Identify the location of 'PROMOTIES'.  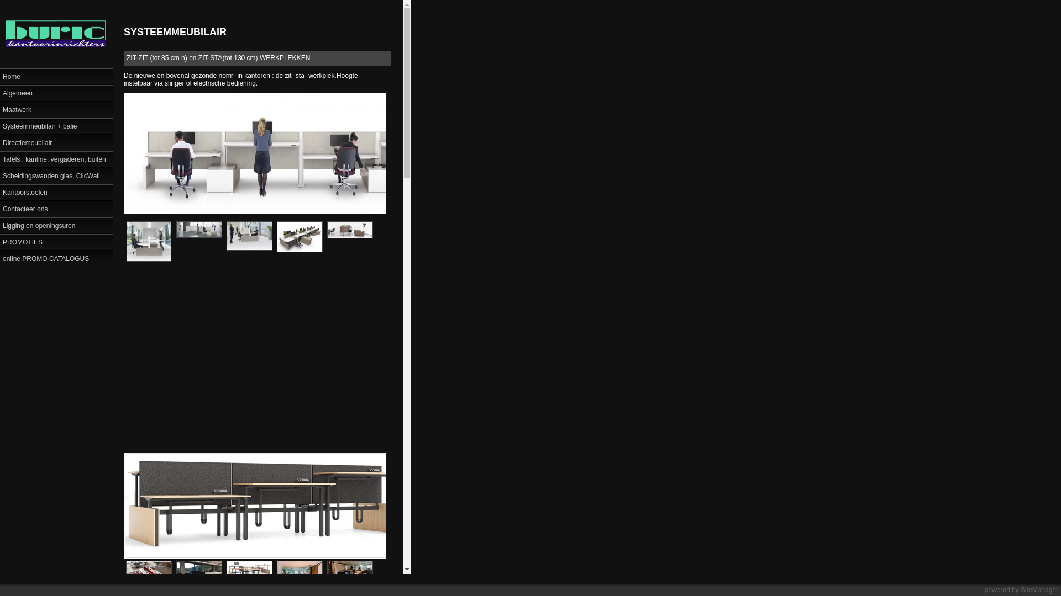
(55, 241).